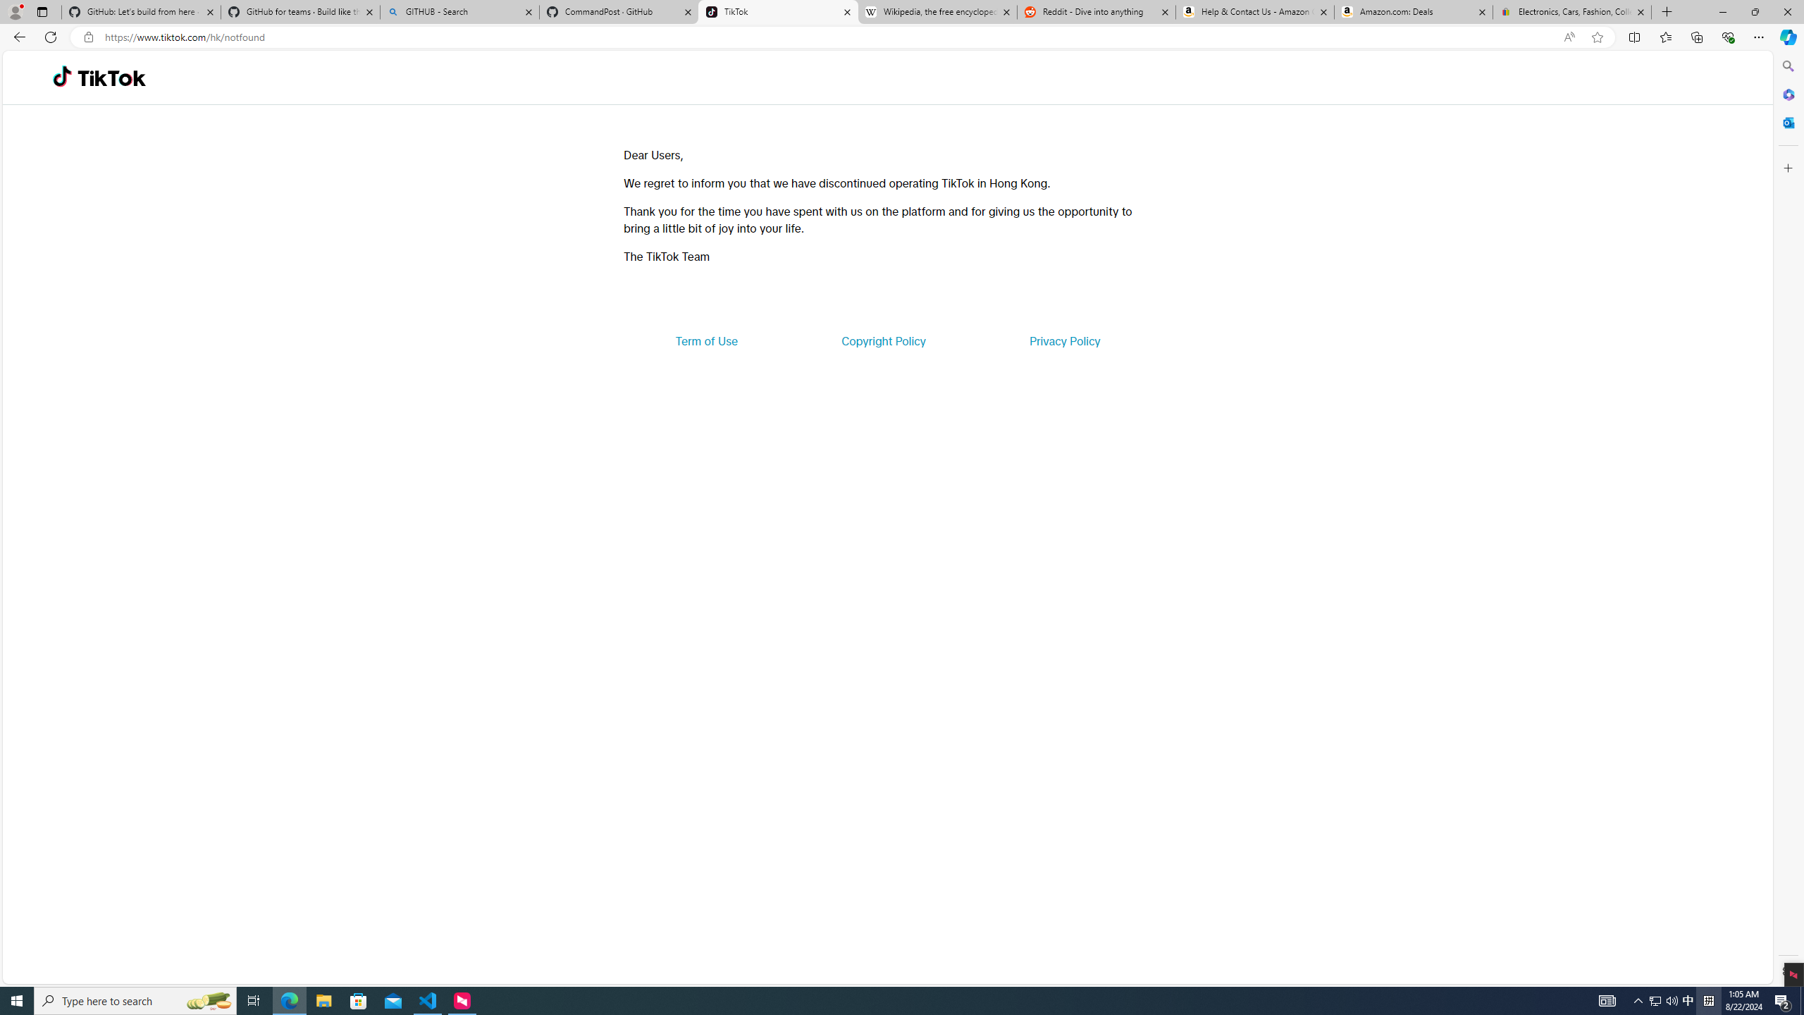  What do you see at coordinates (1413, 11) in the screenshot?
I see `'Amazon.com: Deals'` at bounding box center [1413, 11].